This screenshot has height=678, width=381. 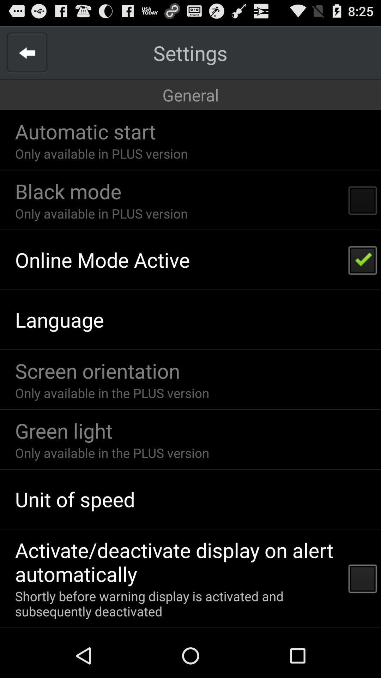 What do you see at coordinates (190, 52) in the screenshot?
I see `icon above general app` at bounding box center [190, 52].